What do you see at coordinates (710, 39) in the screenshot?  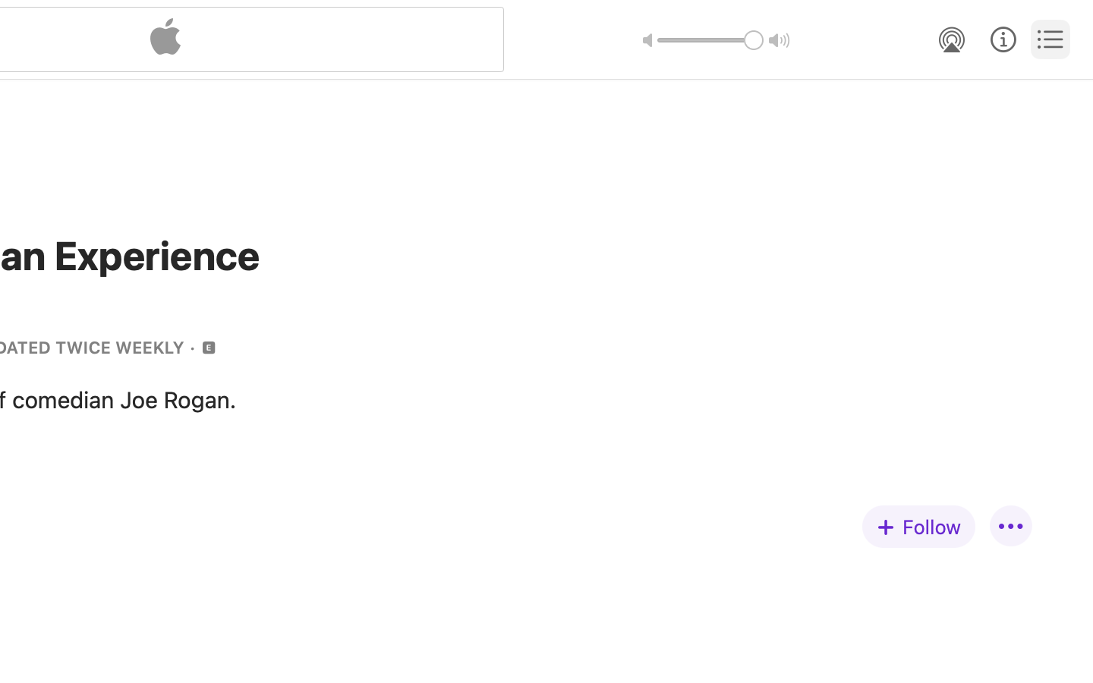 I see `'1.0'` at bounding box center [710, 39].